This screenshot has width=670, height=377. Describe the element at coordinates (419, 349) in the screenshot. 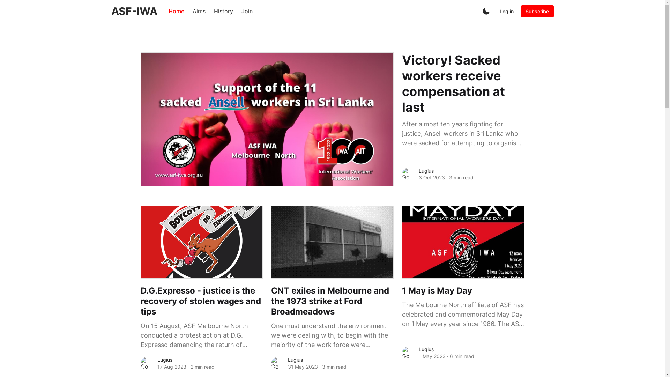

I see `'Lugius'` at that location.